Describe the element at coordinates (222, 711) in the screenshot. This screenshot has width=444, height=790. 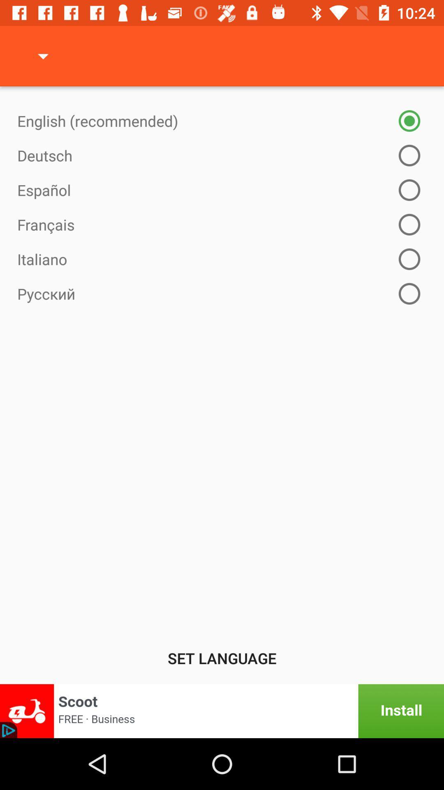
I see `banner advertisement` at that location.